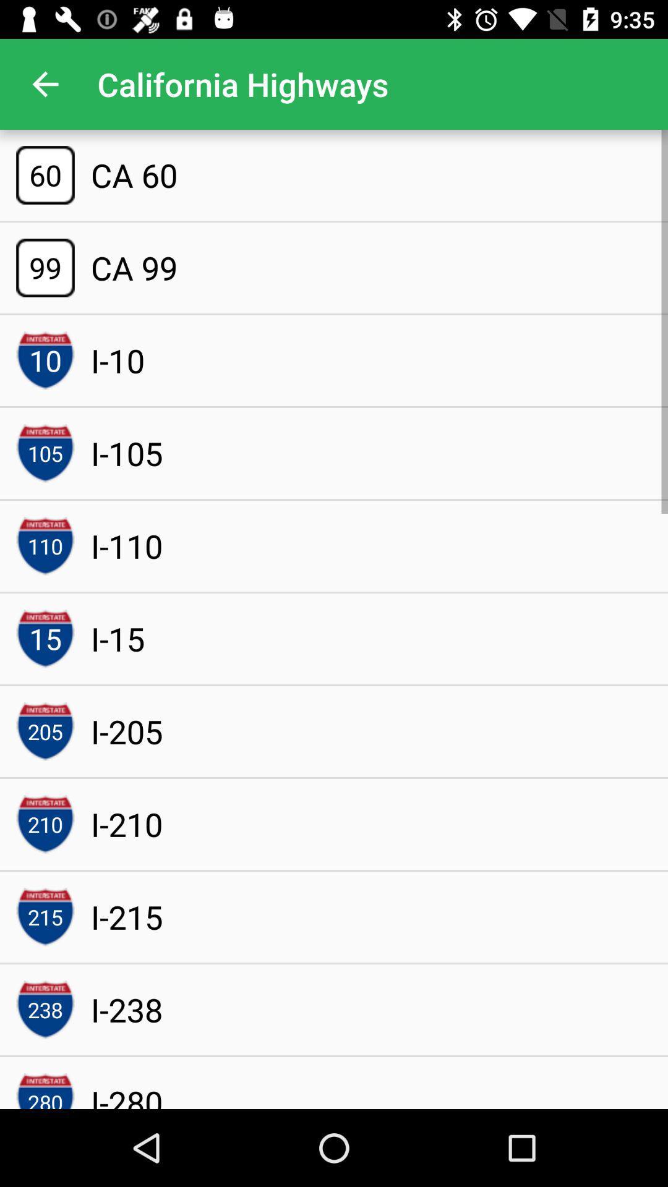  Describe the element at coordinates (45, 83) in the screenshot. I see `the item to the left of california highways` at that location.